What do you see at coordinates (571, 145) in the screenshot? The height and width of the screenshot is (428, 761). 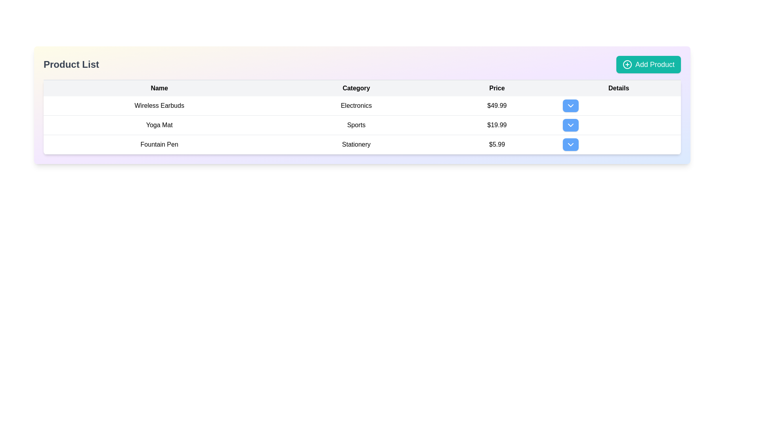 I see `the chevron down icon located in the center of a small blue circular button in the third row of the table under the 'Details' column to indicate interaction` at bounding box center [571, 145].